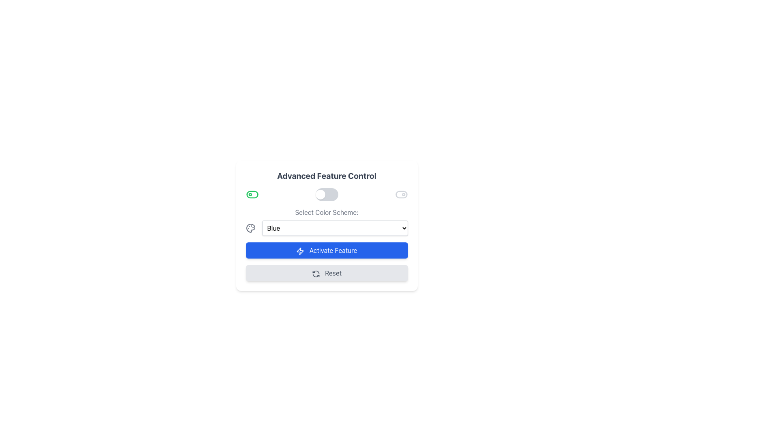 This screenshot has width=778, height=437. I want to click on the dropdown menu labeled 'Blue', so click(335, 228).